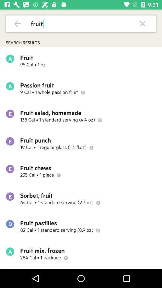  What do you see at coordinates (17, 23) in the screenshot?
I see `the arrow_backward icon` at bounding box center [17, 23].